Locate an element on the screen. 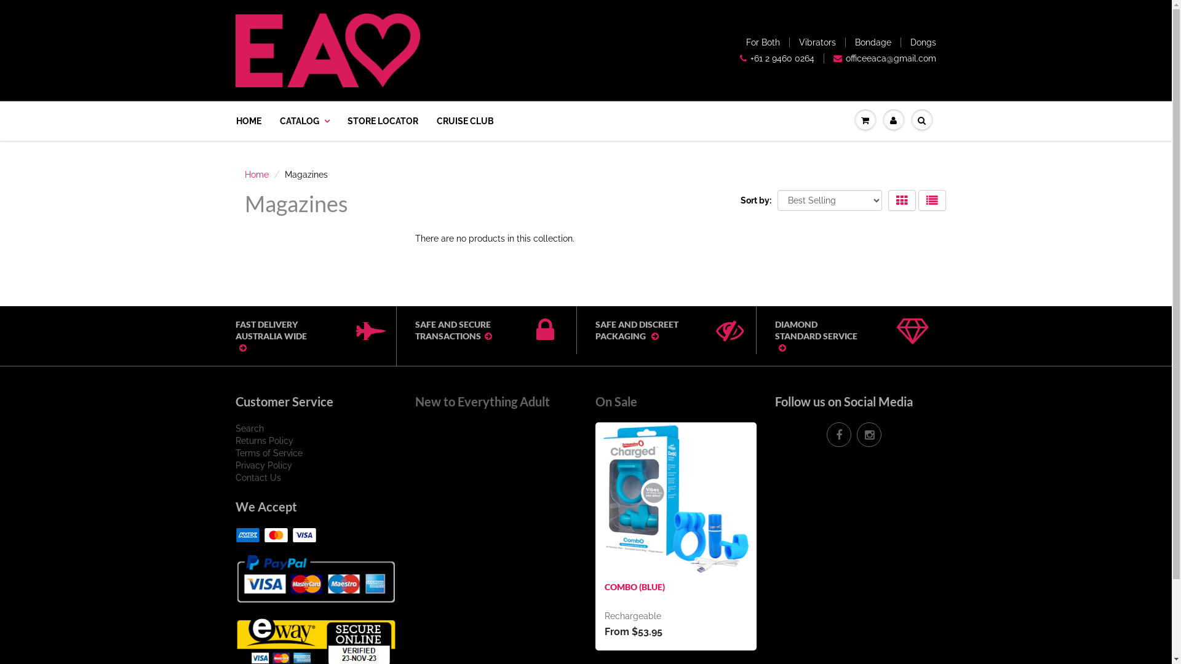 The image size is (1181, 664). 'CRUISE CLUB' is located at coordinates (464, 121).